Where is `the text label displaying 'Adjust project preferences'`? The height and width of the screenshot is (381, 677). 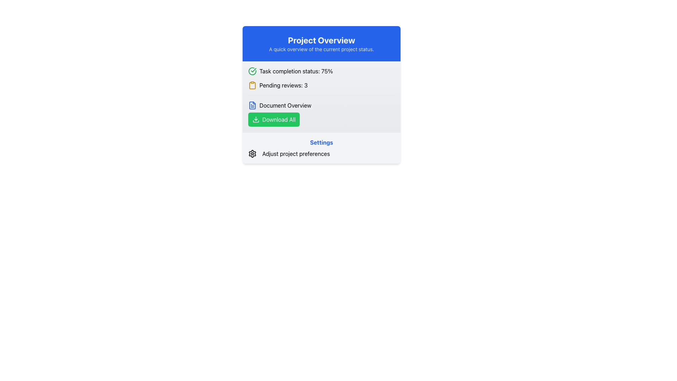
the text label displaying 'Adjust project preferences' is located at coordinates (296, 153).